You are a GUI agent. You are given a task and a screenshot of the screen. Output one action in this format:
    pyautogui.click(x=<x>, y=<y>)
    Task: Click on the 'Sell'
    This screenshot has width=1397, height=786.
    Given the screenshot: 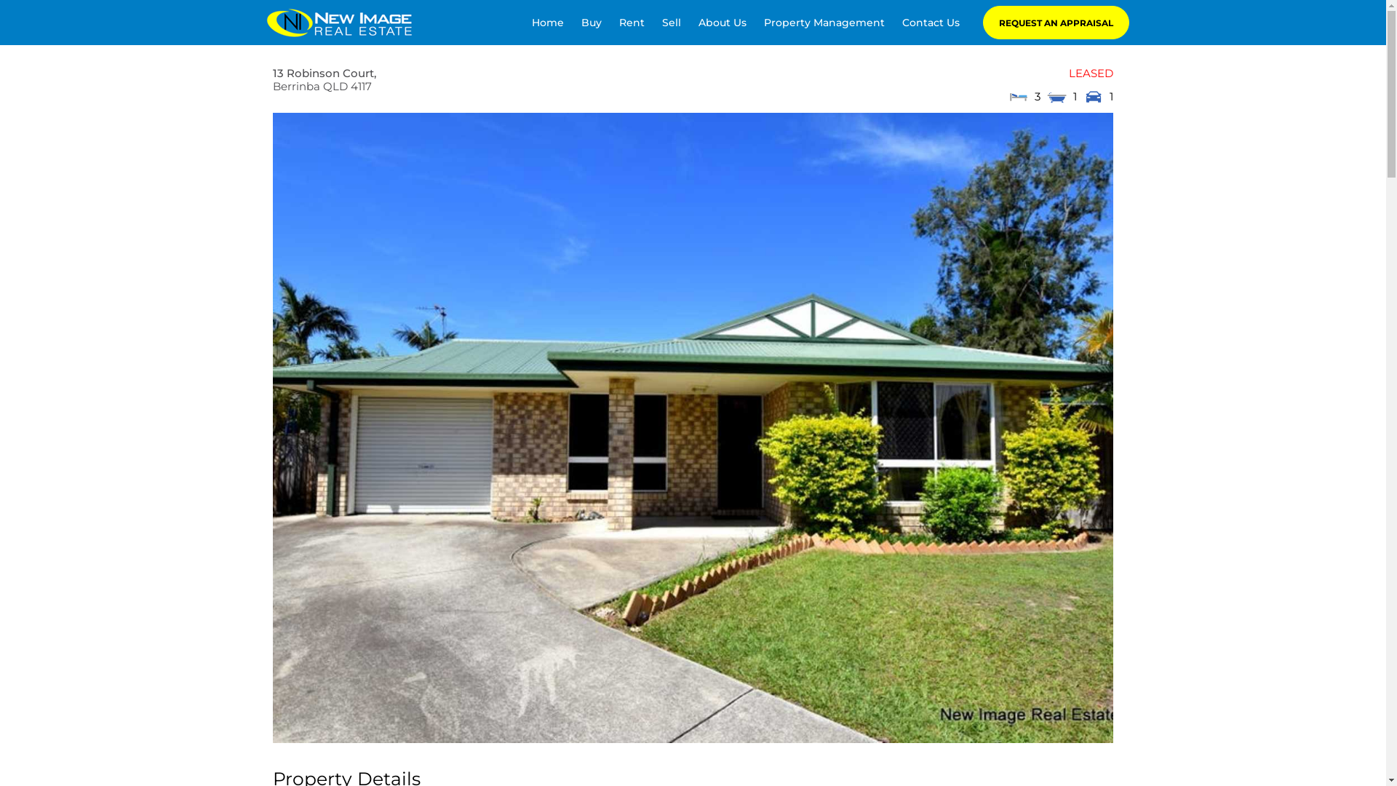 What is the action you would take?
    pyautogui.click(x=670, y=22)
    